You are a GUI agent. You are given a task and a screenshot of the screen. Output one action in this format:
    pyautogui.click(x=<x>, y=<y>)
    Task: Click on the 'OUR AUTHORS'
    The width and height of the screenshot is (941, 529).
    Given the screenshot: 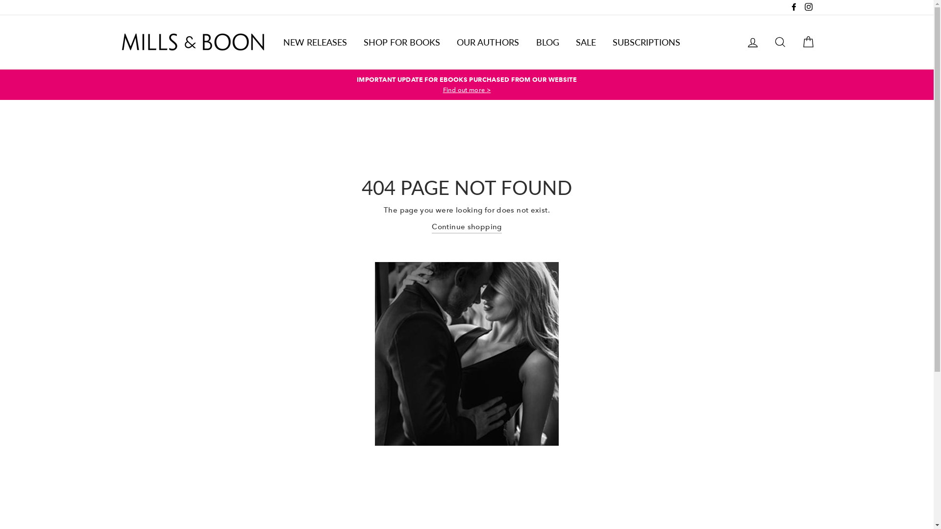 What is the action you would take?
    pyautogui.click(x=488, y=42)
    